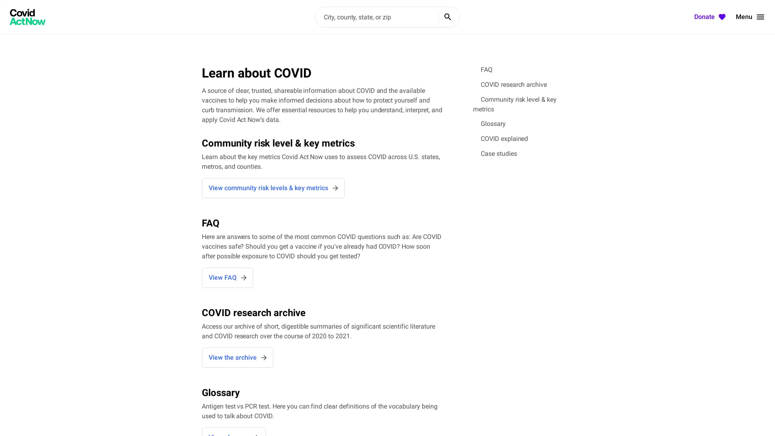 This screenshot has height=436, width=775. Describe the element at coordinates (227, 277) in the screenshot. I see `View FAQ` at that location.